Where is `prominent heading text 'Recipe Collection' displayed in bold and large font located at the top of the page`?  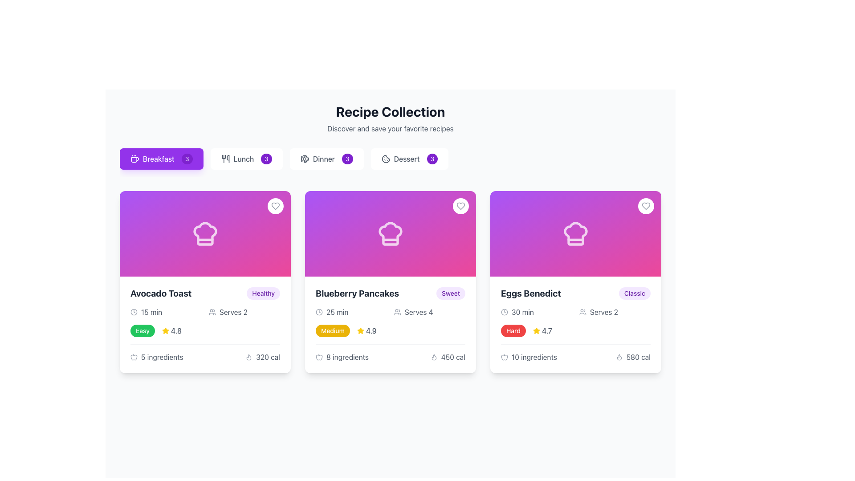 prominent heading text 'Recipe Collection' displayed in bold and large font located at the top of the page is located at coordinates (391, 111).